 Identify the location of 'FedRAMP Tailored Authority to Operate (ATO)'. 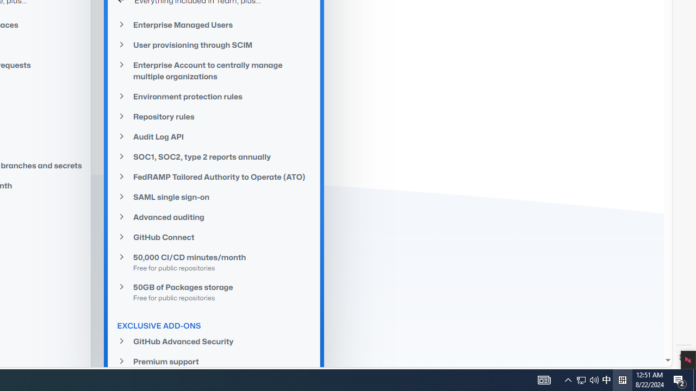
(214, 176).